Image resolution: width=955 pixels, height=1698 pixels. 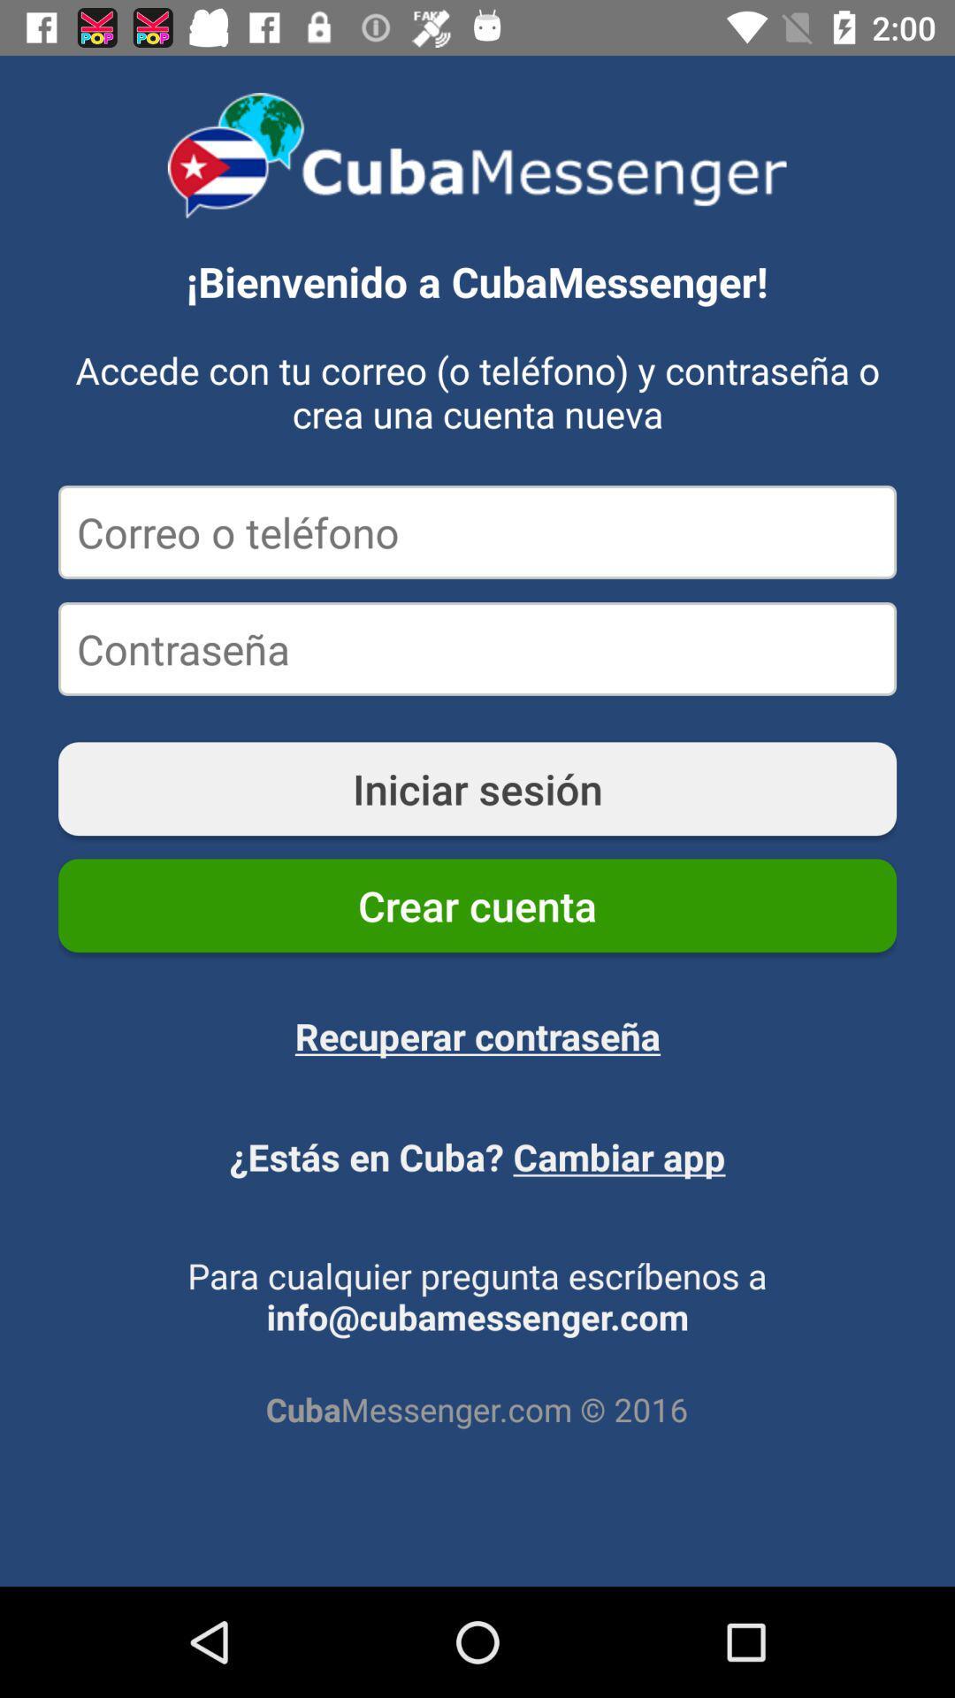 What do you see at coordinates (477, 1157) in the screenshot?
I see `item above para cualquier pregunta item` at bounding box center [477, 1157].